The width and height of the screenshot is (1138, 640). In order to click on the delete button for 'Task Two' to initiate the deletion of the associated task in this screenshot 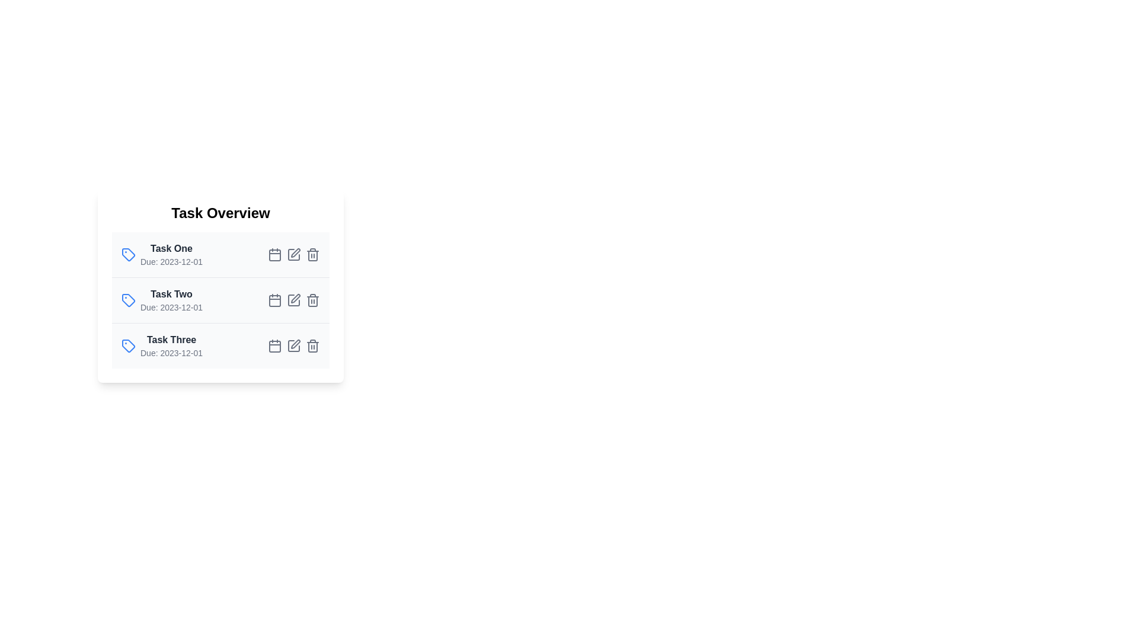, I will do `click(313, 299)`.